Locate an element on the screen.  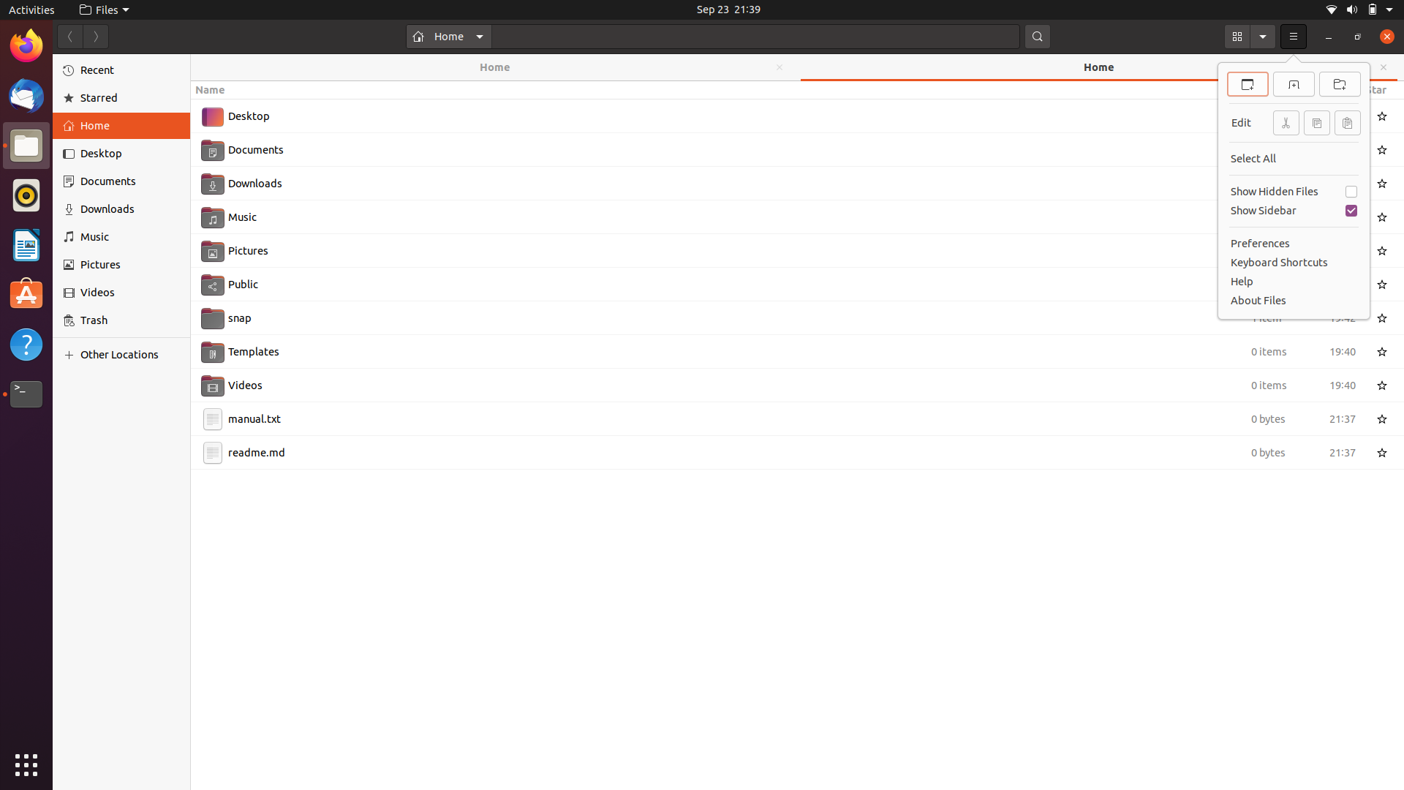
Rename the file readme.md to README.md using keyboard and mouse is located at coordinates (781, 451).